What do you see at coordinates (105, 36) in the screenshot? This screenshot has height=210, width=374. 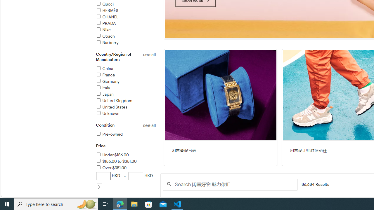 I see `'Coach'` at bounding box center [105, 36].